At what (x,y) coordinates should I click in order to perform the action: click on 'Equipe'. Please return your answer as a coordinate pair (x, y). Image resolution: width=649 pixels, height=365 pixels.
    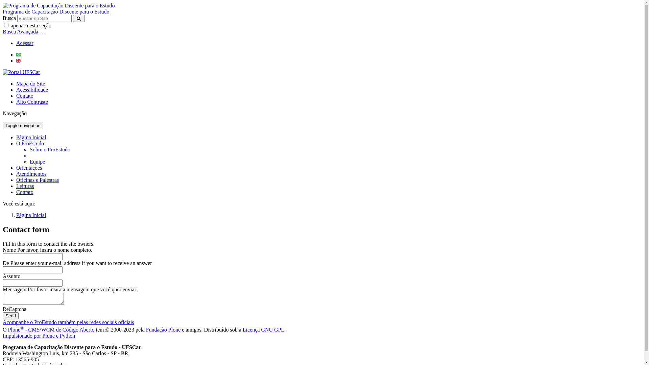
    Looking at the image, I should click on (37, 162).